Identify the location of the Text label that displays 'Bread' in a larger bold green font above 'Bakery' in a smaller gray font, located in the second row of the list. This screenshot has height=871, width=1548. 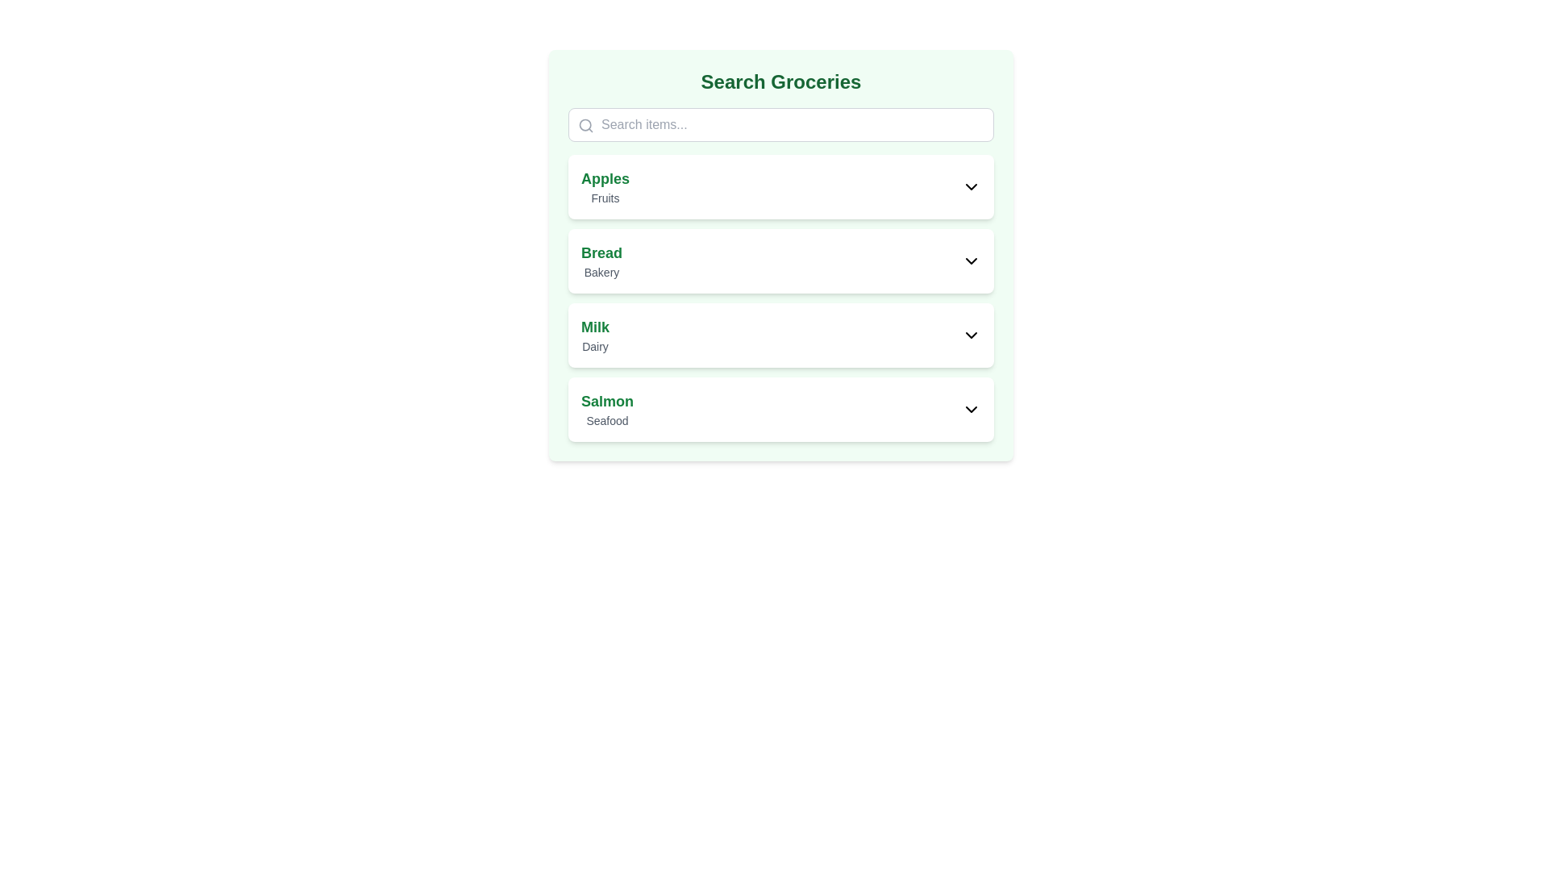
(601, 260).